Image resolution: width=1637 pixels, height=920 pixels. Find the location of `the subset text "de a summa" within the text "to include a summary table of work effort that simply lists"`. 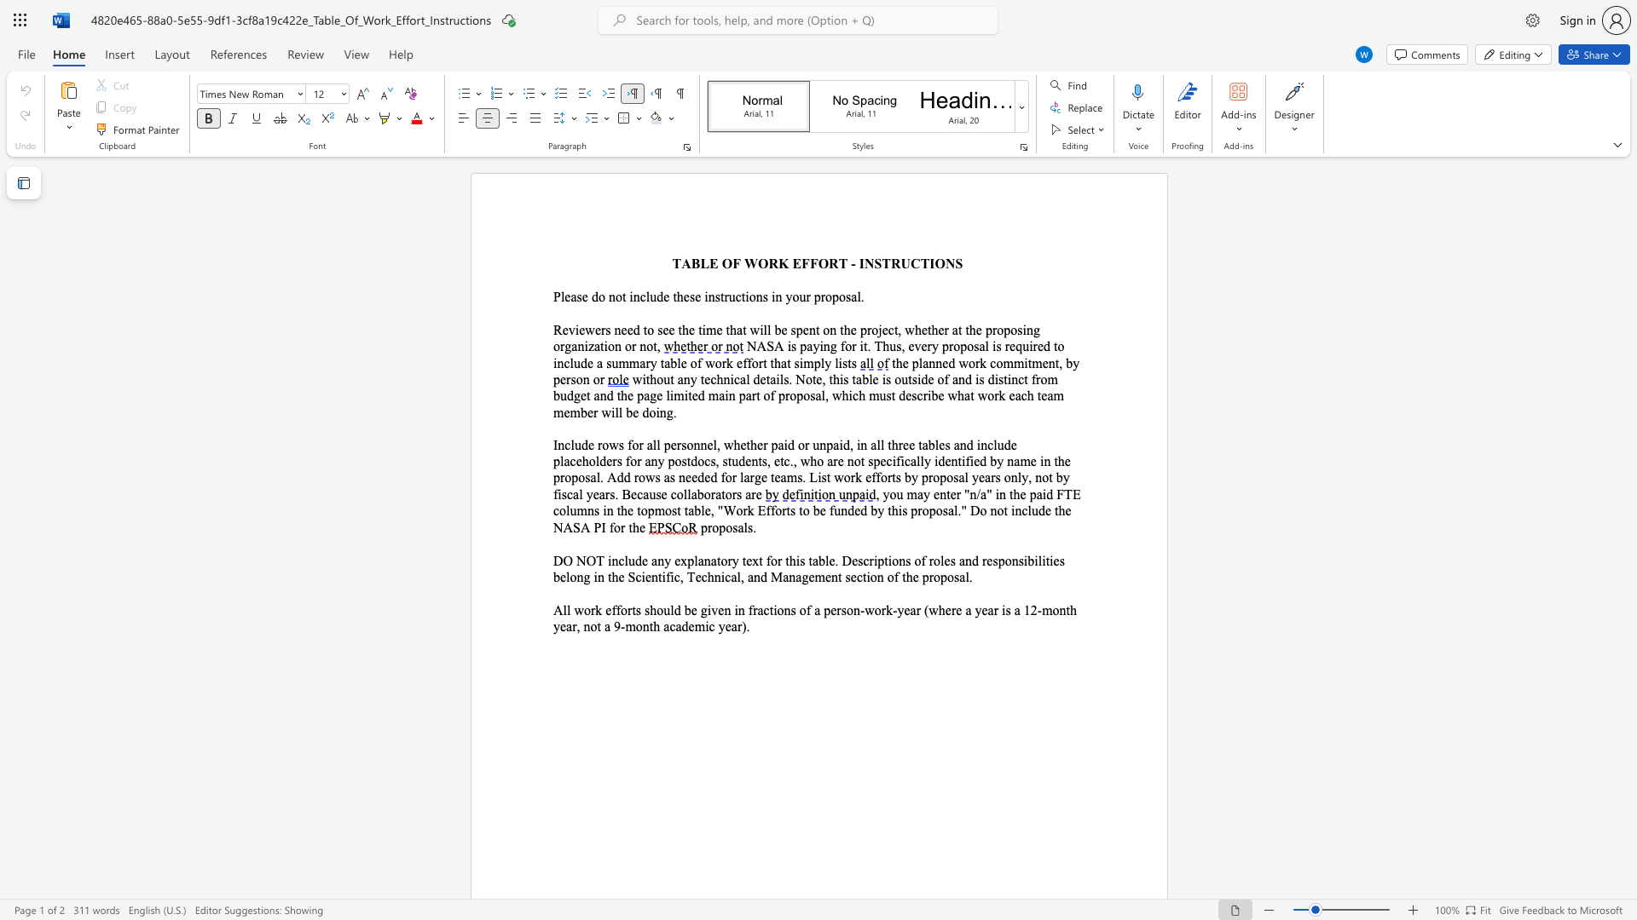

the subset text "de a summa" within the text "to include a summary table of work effort that simply lists" is located at coordinates (581, 362).